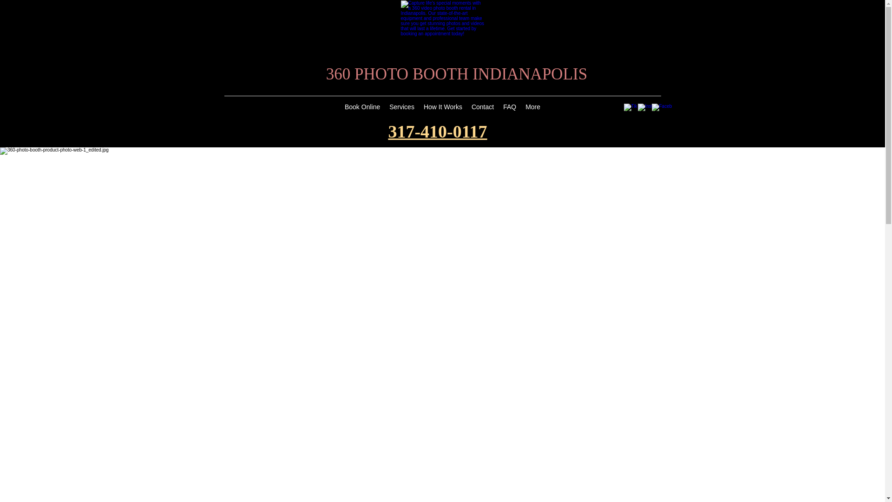 Image resolution: width=892 pixels, height=502 pixels. What do you see at coordinates (361, 107) in the screenshot?
I see `'Book Online'` at bounding box center [361, 107].